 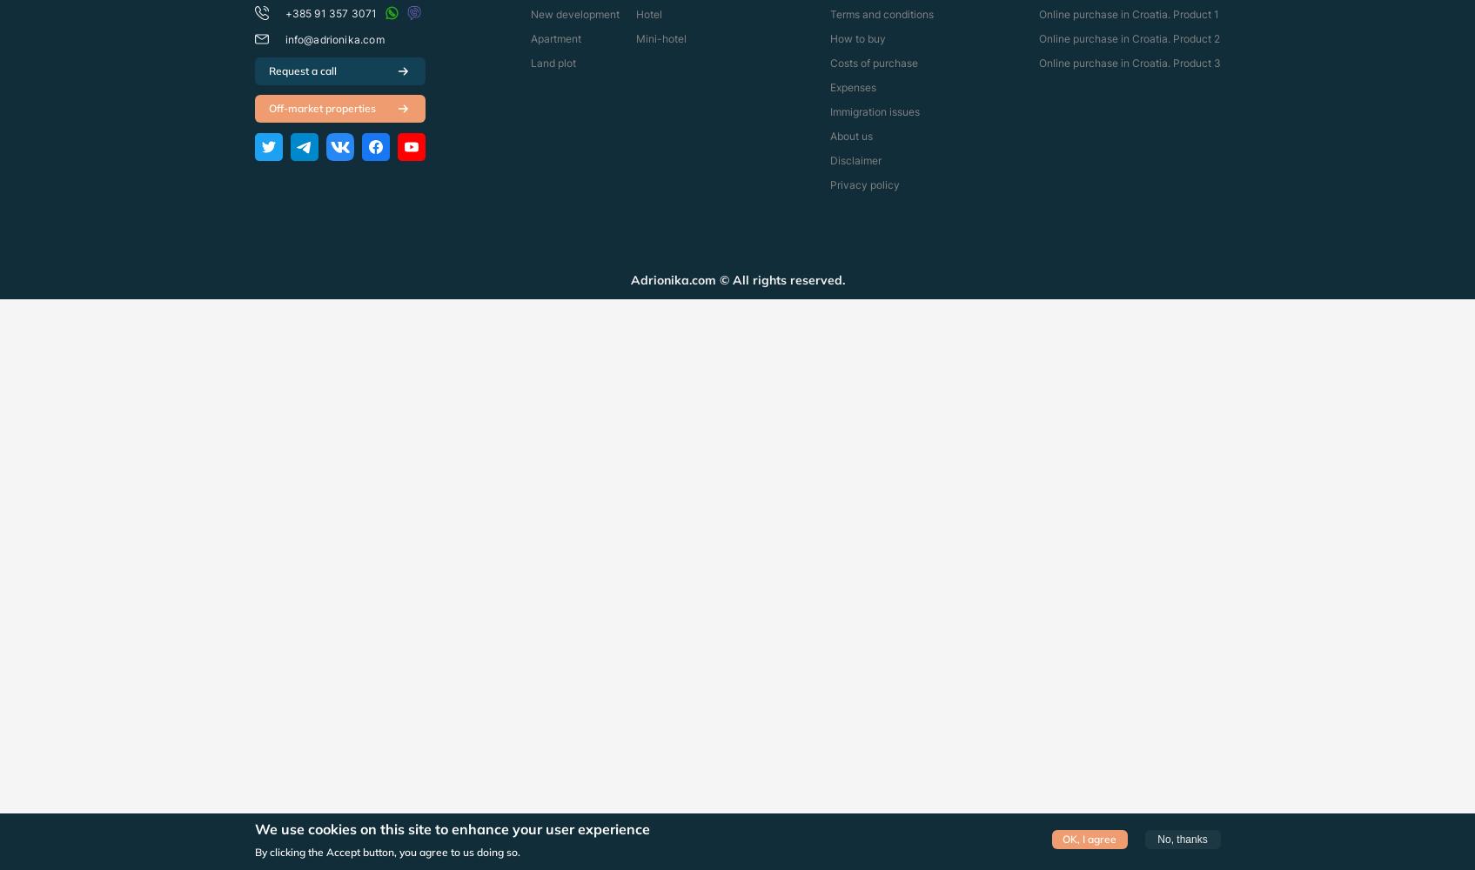 What do you see at coordinates (855, 38) in the screenshot?
I see `'How to buy'` at bounding box center [855, 38].